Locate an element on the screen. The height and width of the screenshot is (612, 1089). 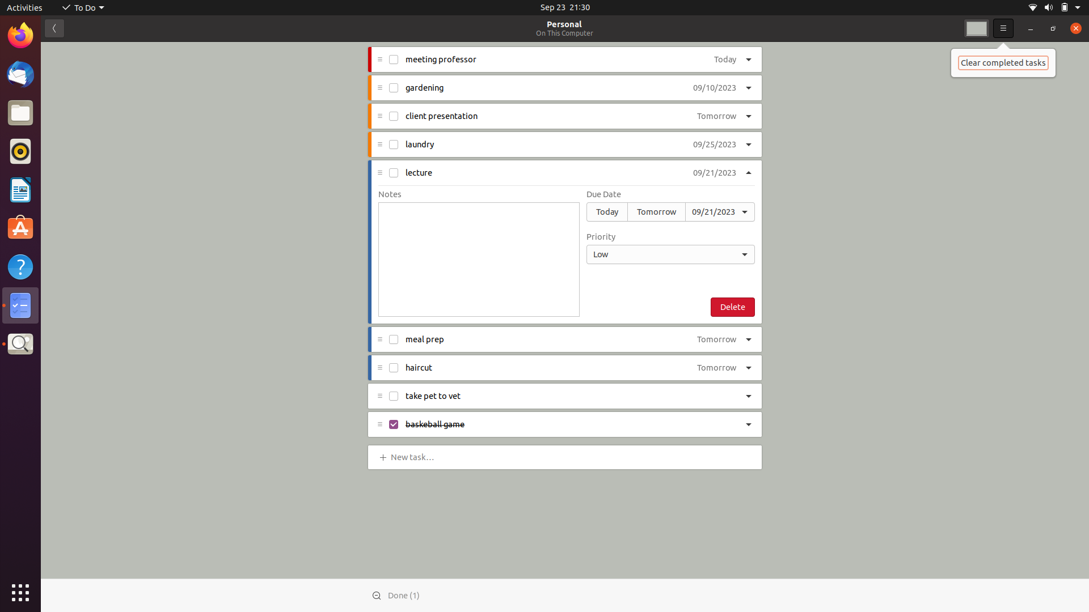
Accomplish the "meal prep" task is located at coordinates (394, 340).